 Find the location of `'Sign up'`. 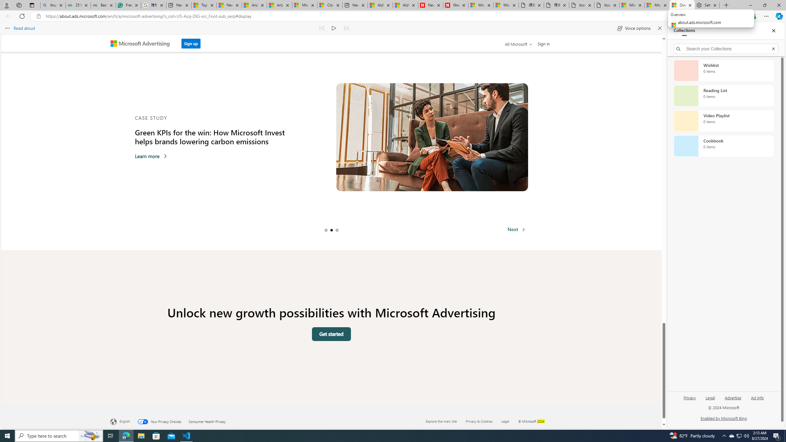

'Sign up' is located at coordinates (190, 43).